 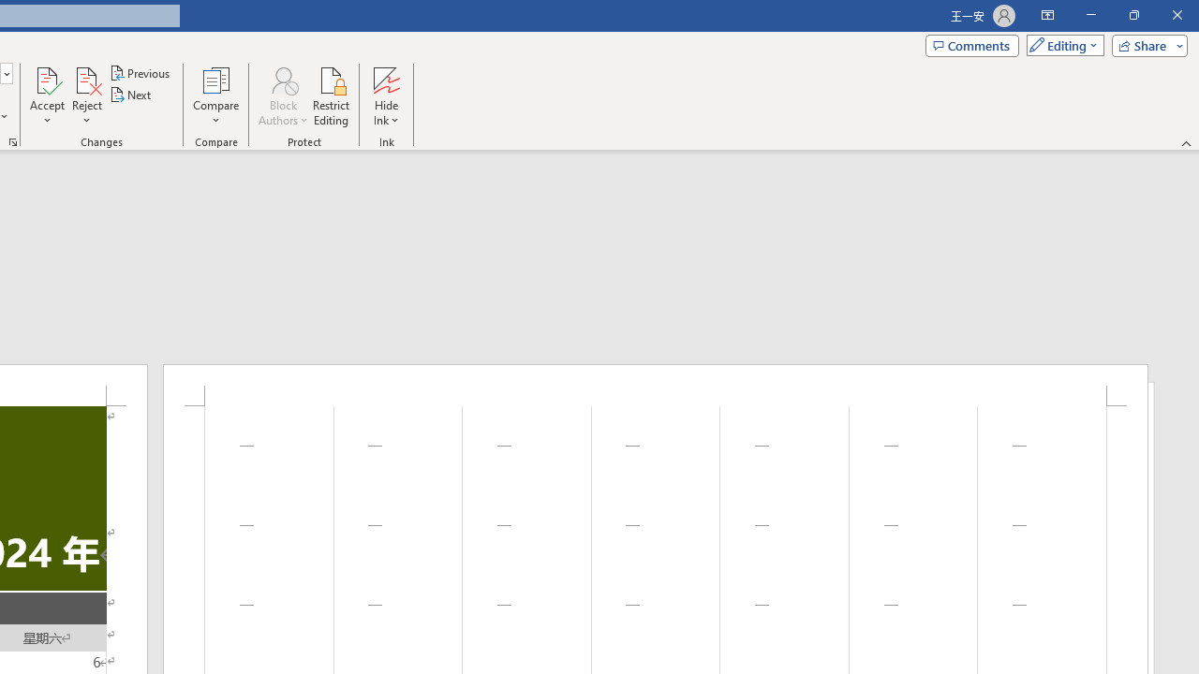 What do you see at coordinates (85, 79) in the screenshot?
I see `'Reject and Move to Next'` at bounding box center [85, 79].